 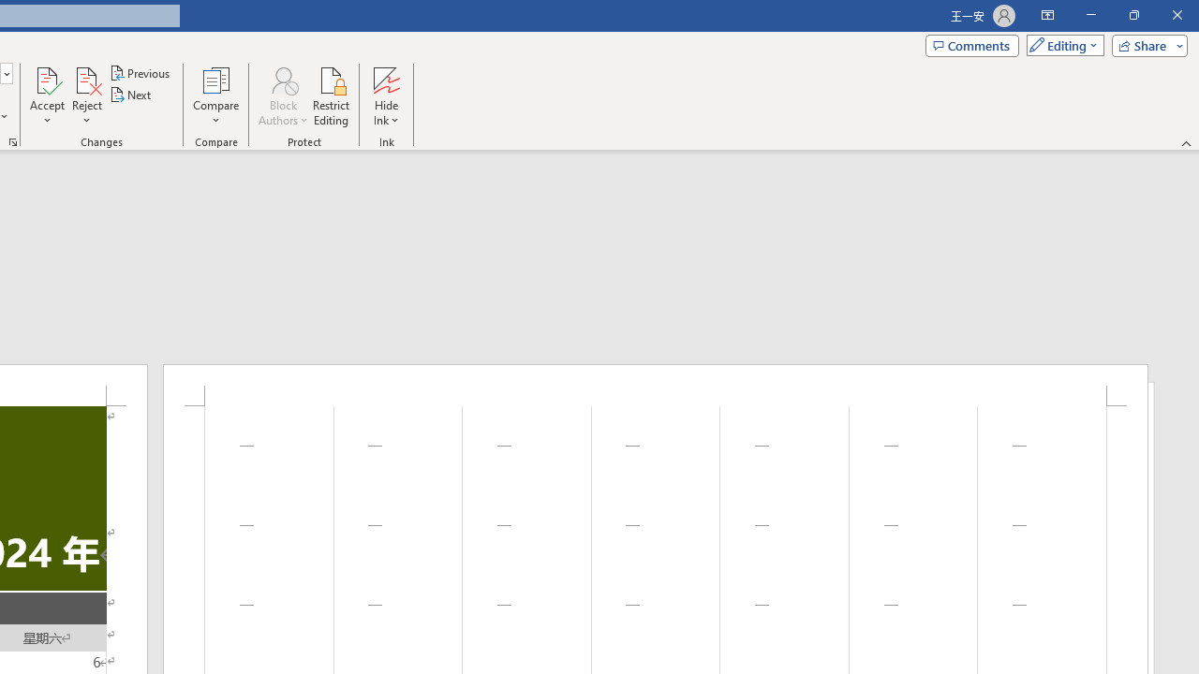 What do you see at coordinates (85, 79) in the screenshot?
I see `'Reject and Move to Next'` at bounding box center [85, 79].